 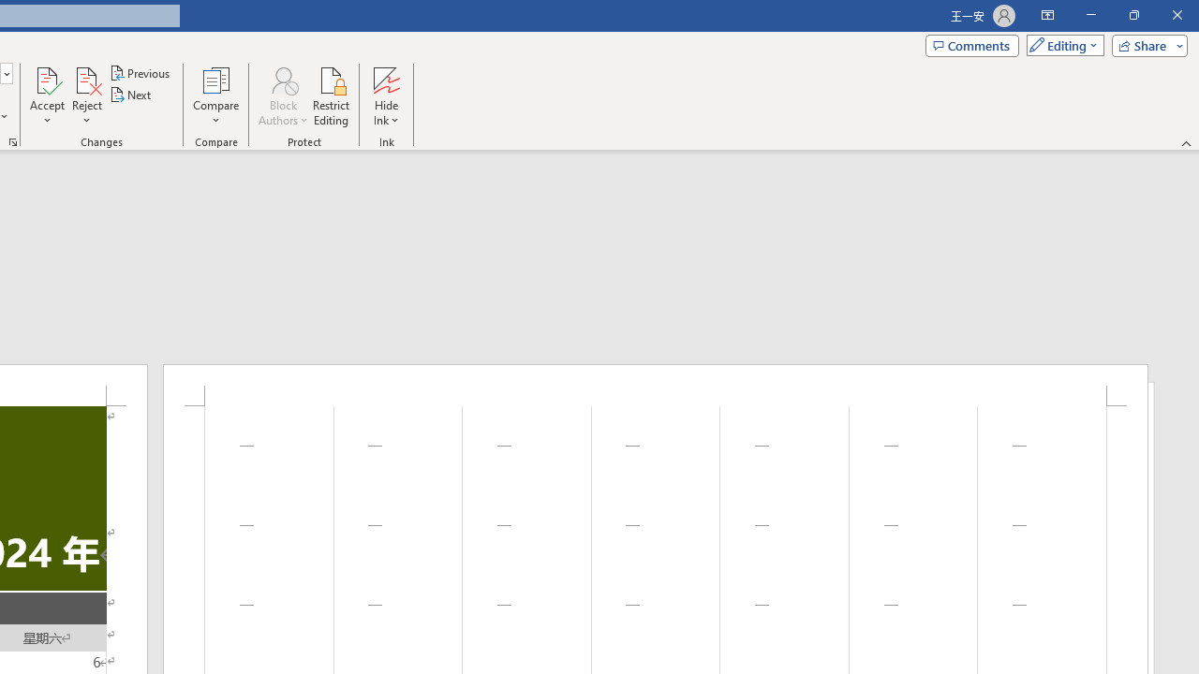 What do you see at coordinates (85, 79) in the screenshot?
I see `'Reject and Move to Next'` at bounding box center [85, 79].